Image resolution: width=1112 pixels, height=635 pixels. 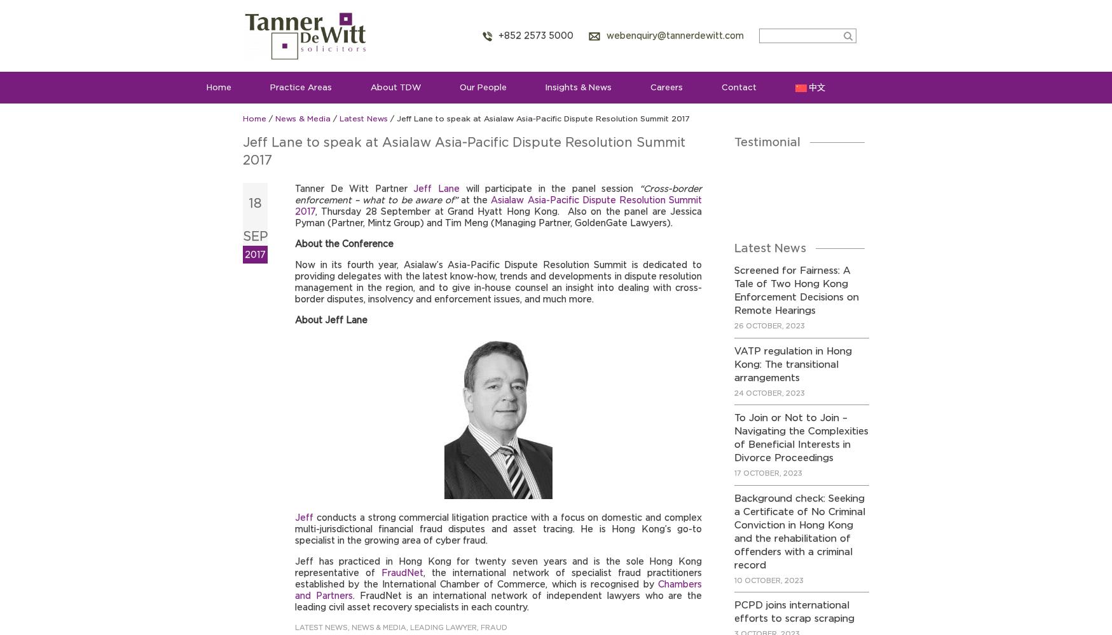 What do you see at coordinates (476, 199) in the screenshot?
I see `'at the'` at bounding box center [476, 199].